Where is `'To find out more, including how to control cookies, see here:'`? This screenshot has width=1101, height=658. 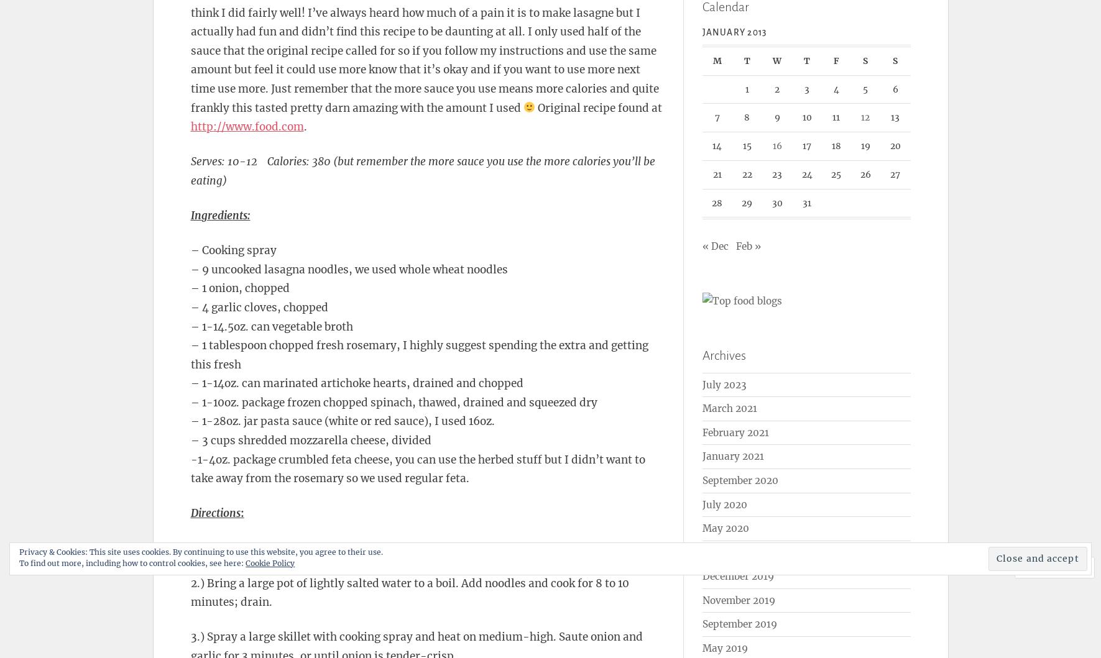
'To find out more, including how to control cookies, see here:' is located at coordinates (18, 562).